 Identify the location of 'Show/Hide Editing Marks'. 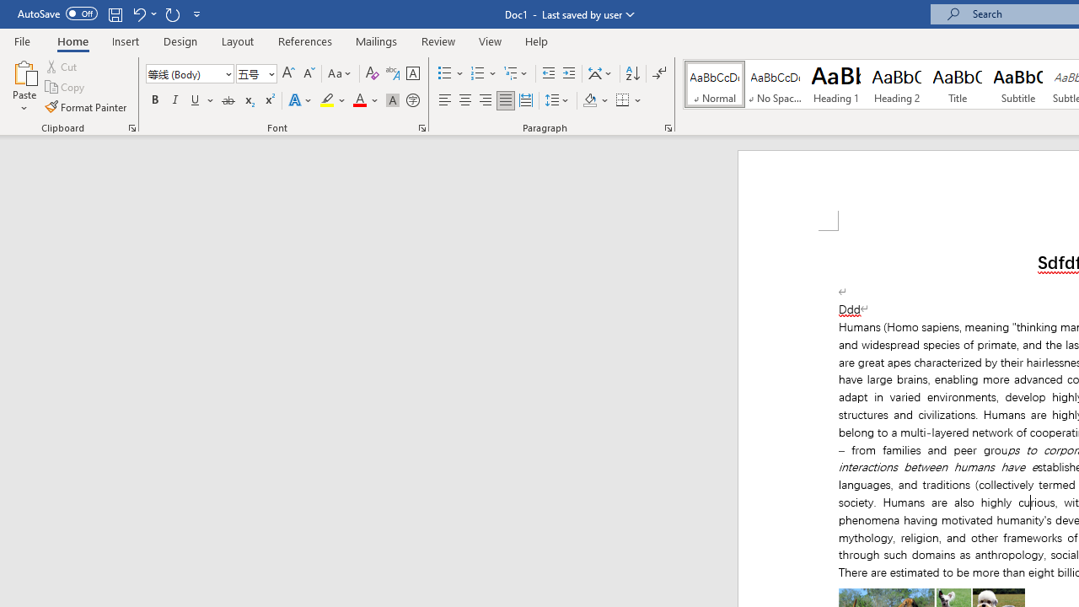
(658, 73).